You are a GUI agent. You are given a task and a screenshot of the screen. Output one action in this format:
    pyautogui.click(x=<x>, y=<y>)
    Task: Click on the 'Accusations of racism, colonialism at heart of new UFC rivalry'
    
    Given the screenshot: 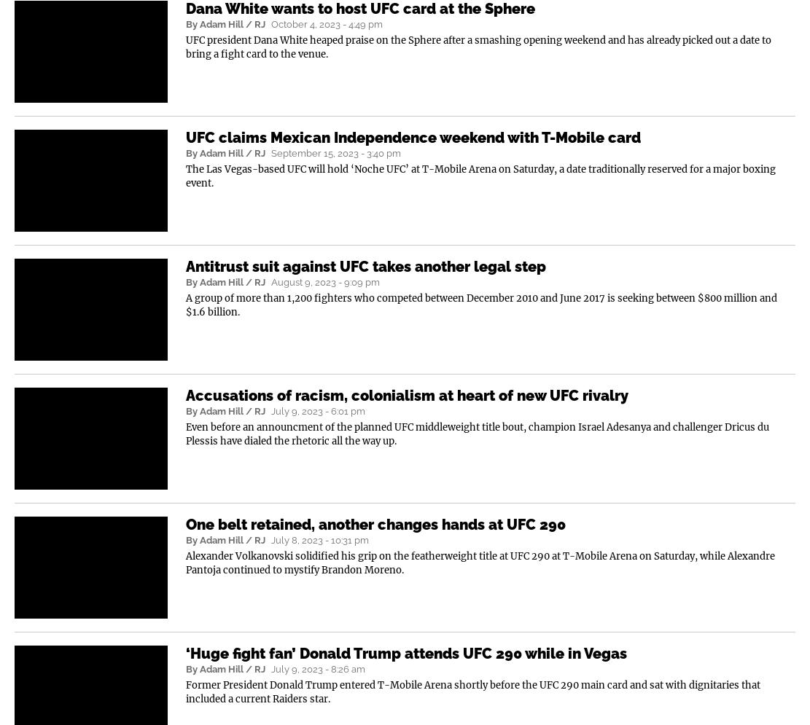 What is the action you would take?
    pyautogui.click(x=406, y=395)
    